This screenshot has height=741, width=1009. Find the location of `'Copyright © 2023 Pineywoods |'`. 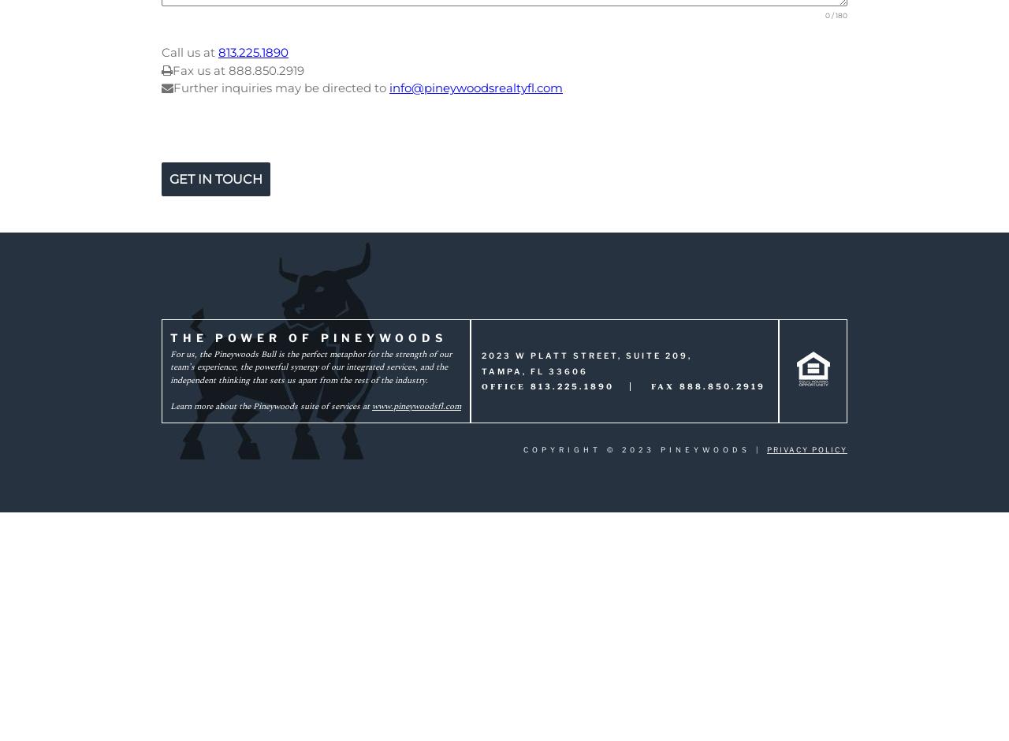

'Copyright © 2023 Pineywoods |' is located at coordinates (645, 449).